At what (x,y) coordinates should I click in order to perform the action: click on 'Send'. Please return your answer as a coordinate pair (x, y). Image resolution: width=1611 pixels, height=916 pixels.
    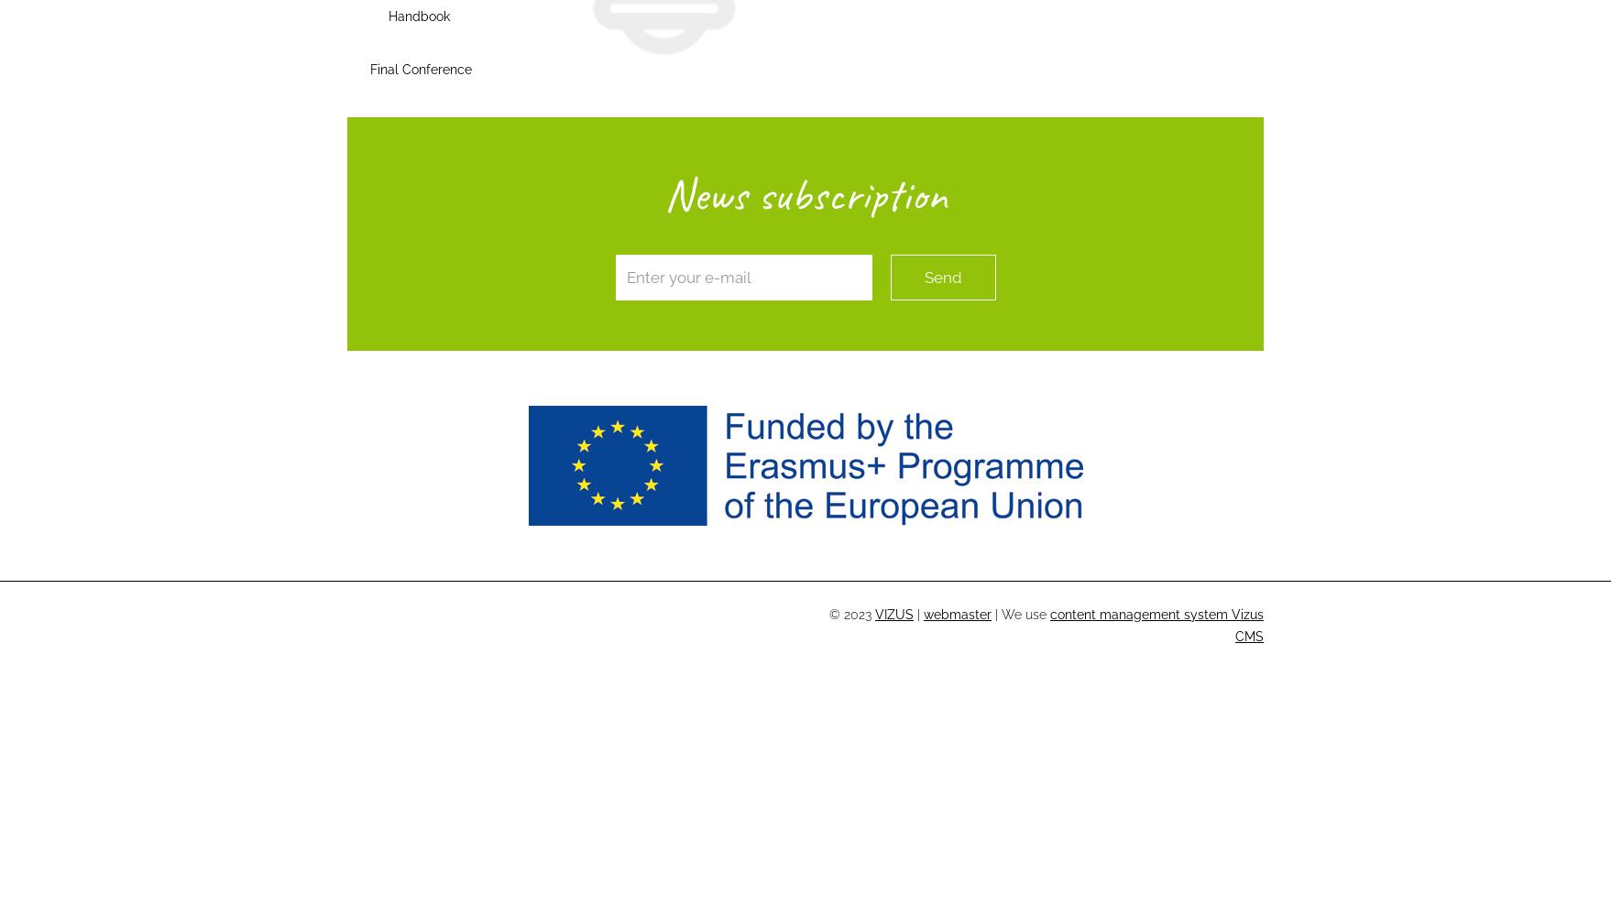
    Looking at the image, I should click on (941, 277).